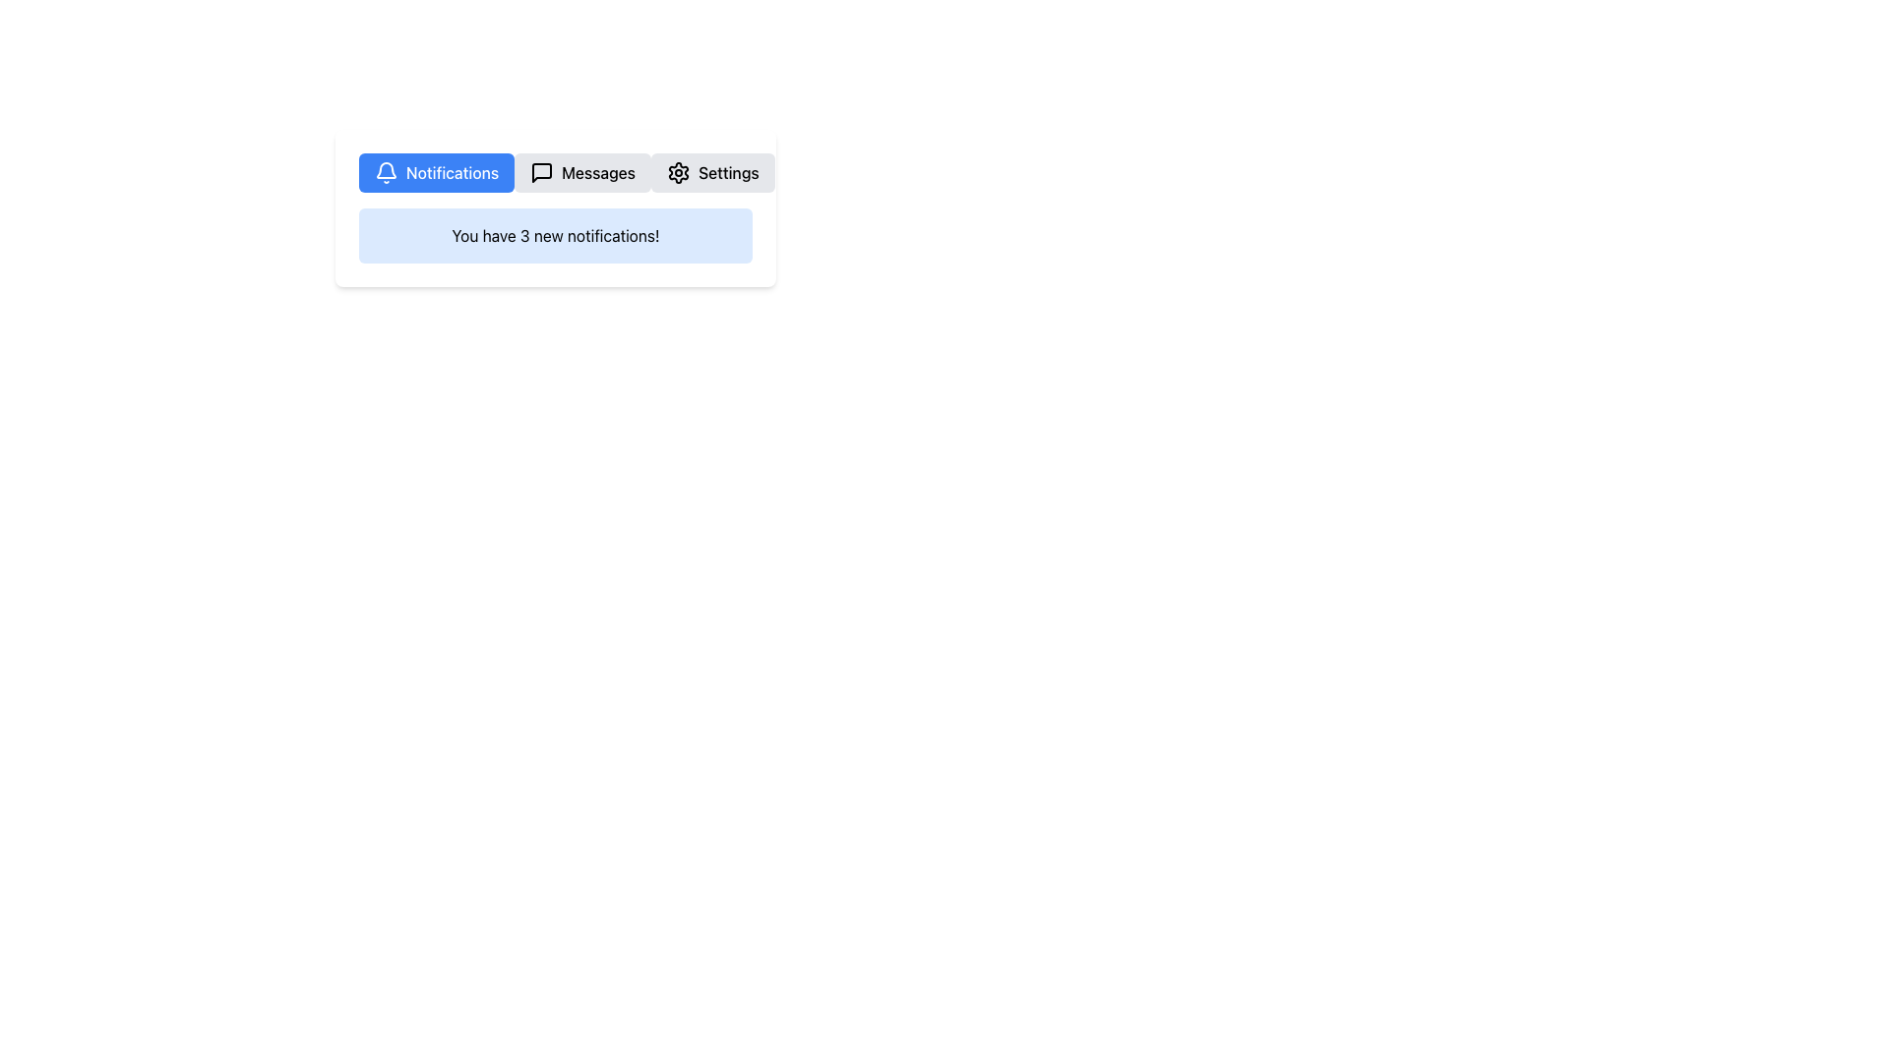 Image resolution: width=1889 pixels, height=1062 pixels. Describe the element at coordinates (542, 172) in the screenshot. I see `the 'Messages' icon on the navigation bar` at that location.